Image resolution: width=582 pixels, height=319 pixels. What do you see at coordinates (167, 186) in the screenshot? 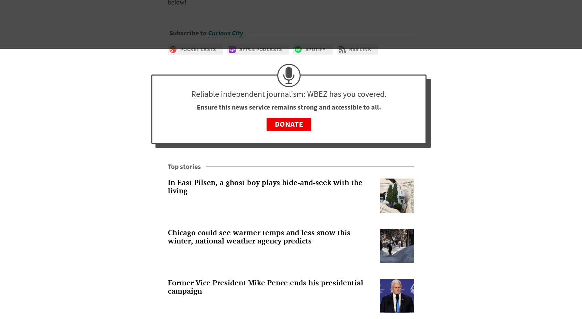
I see `'In East Pilsen, a ghost boy plays hide-and-seek with the living'` at bounding box center [167, 186].